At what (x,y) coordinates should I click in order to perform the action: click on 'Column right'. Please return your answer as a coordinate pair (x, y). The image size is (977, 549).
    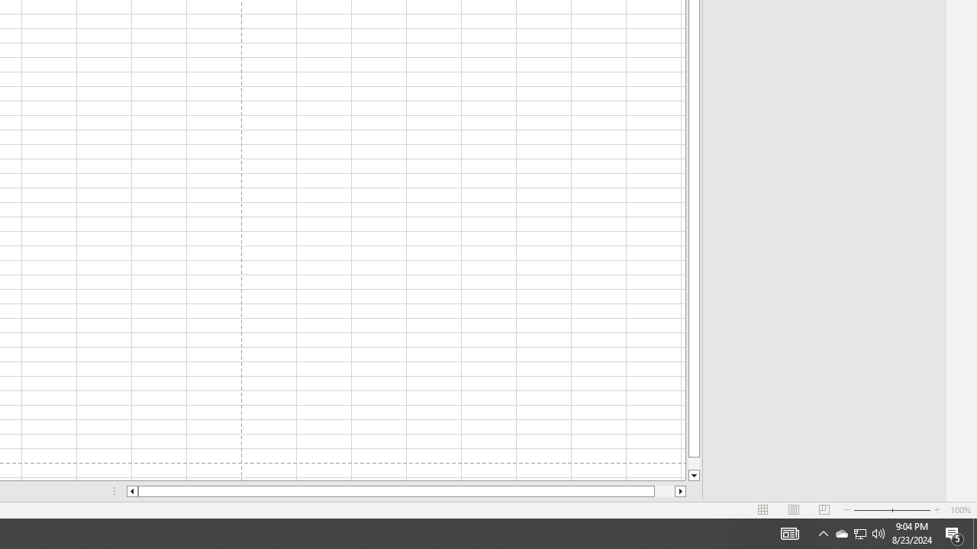
    Looking at the image, I should click on (680, 491).